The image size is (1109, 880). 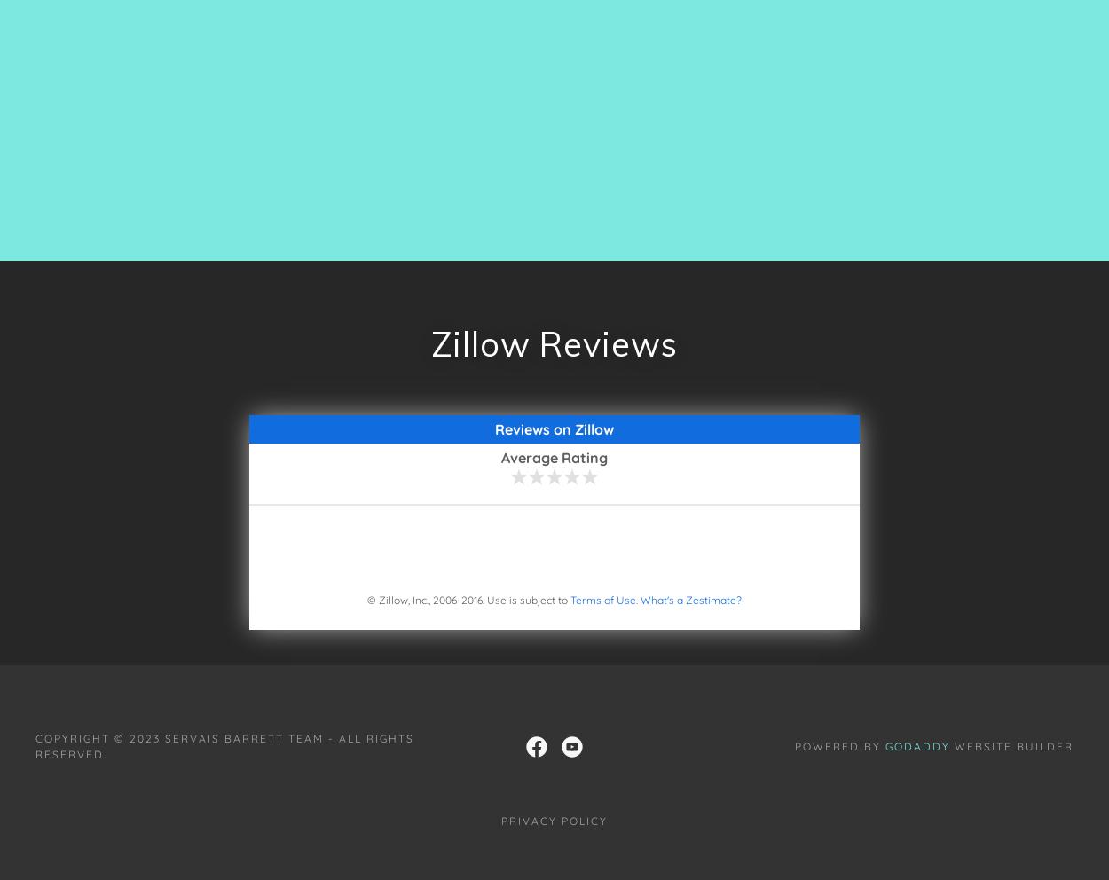 What do you see at coordinates (499, 456) in the screenshot?
I see `'Average Rating'` at bounding box center [499, 456].